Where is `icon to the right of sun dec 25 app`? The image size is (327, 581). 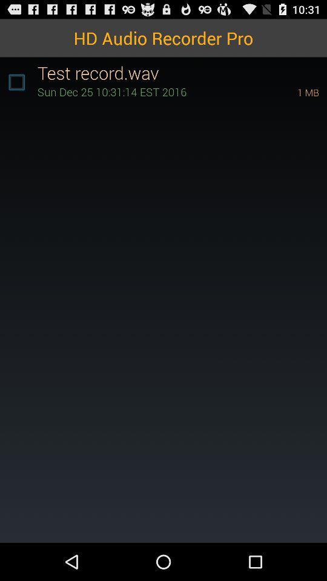 icon to the right of sun dec 25 app is located at coordinates (291, 91).